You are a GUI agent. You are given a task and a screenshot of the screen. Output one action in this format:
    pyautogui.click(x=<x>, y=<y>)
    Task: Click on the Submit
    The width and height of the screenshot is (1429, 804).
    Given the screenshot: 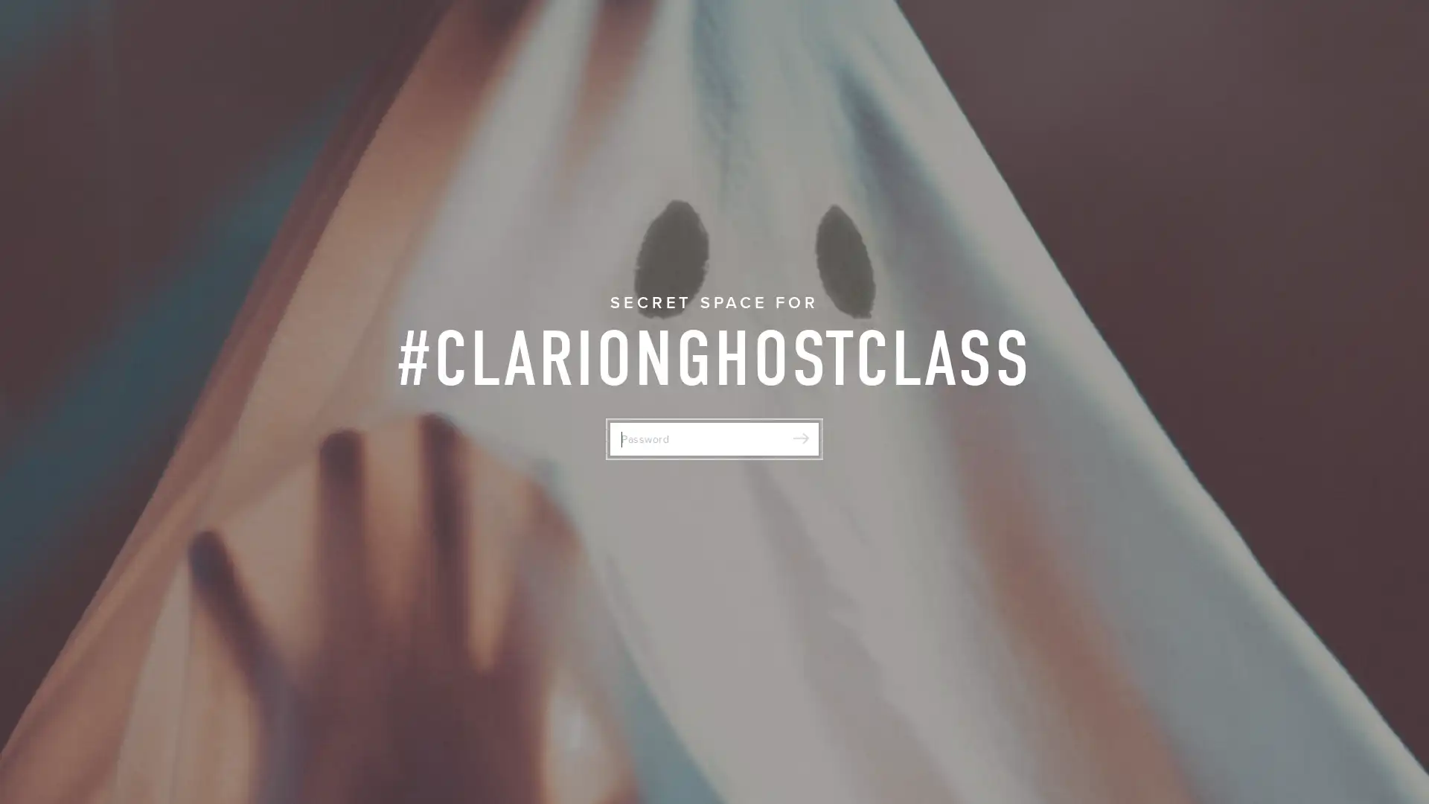 What is the action you would take?
    pyautogui.click(x=799, y=438)
    